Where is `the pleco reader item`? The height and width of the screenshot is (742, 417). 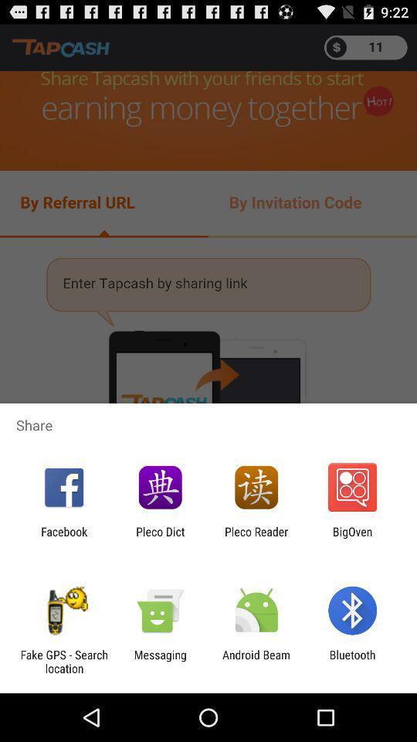 the pleco reader item is located at coordinates (256, 538).